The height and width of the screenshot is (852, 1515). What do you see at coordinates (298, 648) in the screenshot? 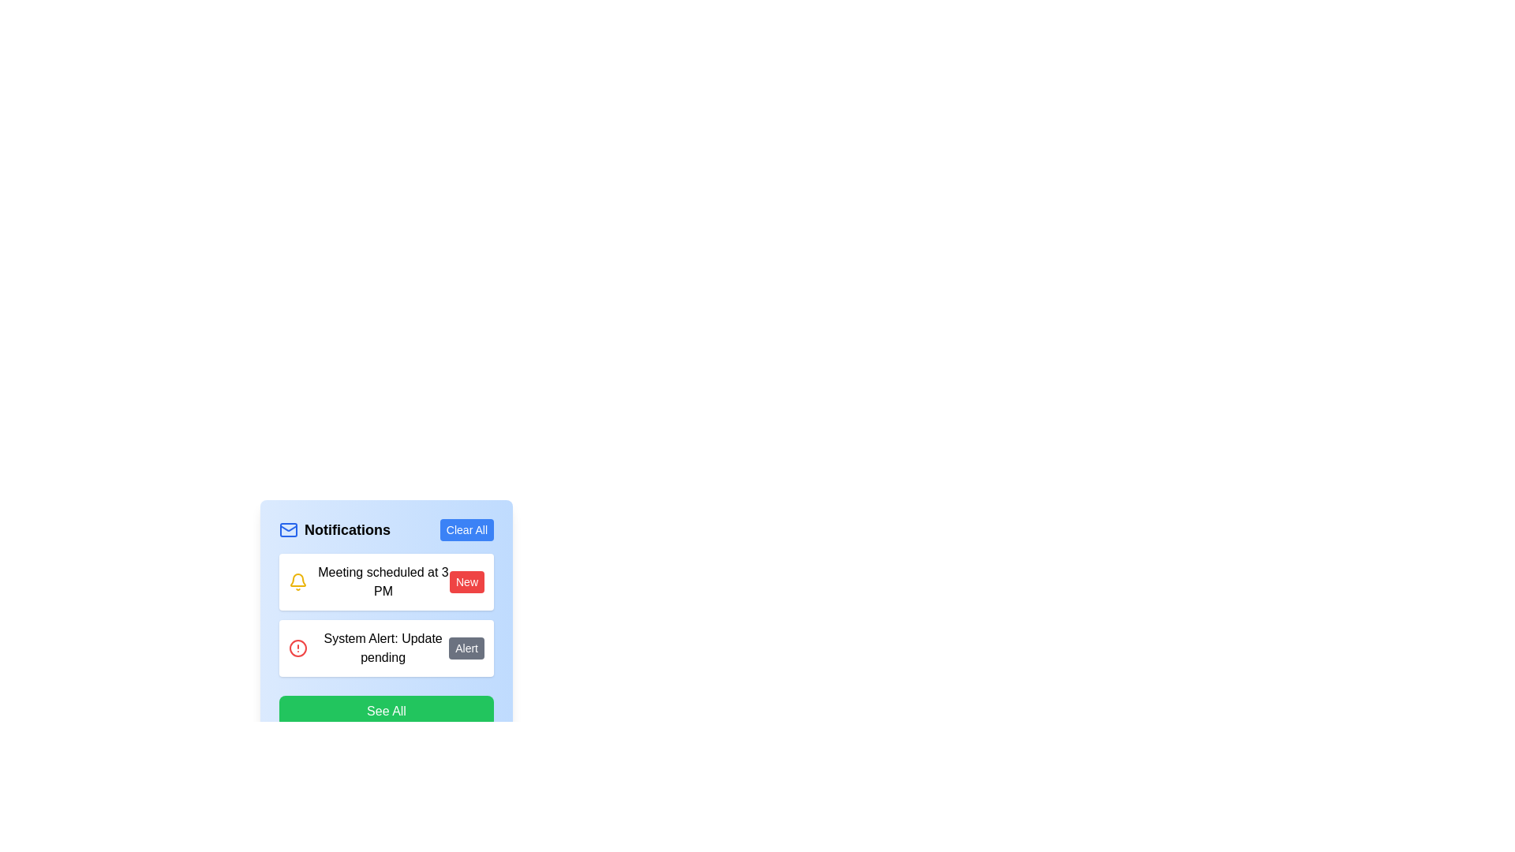
I see `the red circular icon with a white background and an alert symbol inside, which is positioned in the notification box to the left of the text 'System Alert: Update pending'` at bounding box center [298, 648].